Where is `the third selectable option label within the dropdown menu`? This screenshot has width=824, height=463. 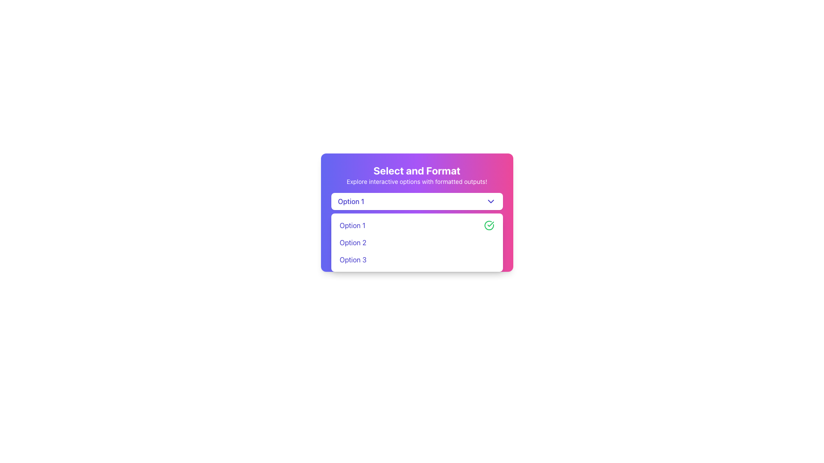 the third selectable option label within the dropdown menu is located at coordinates (353, 259).